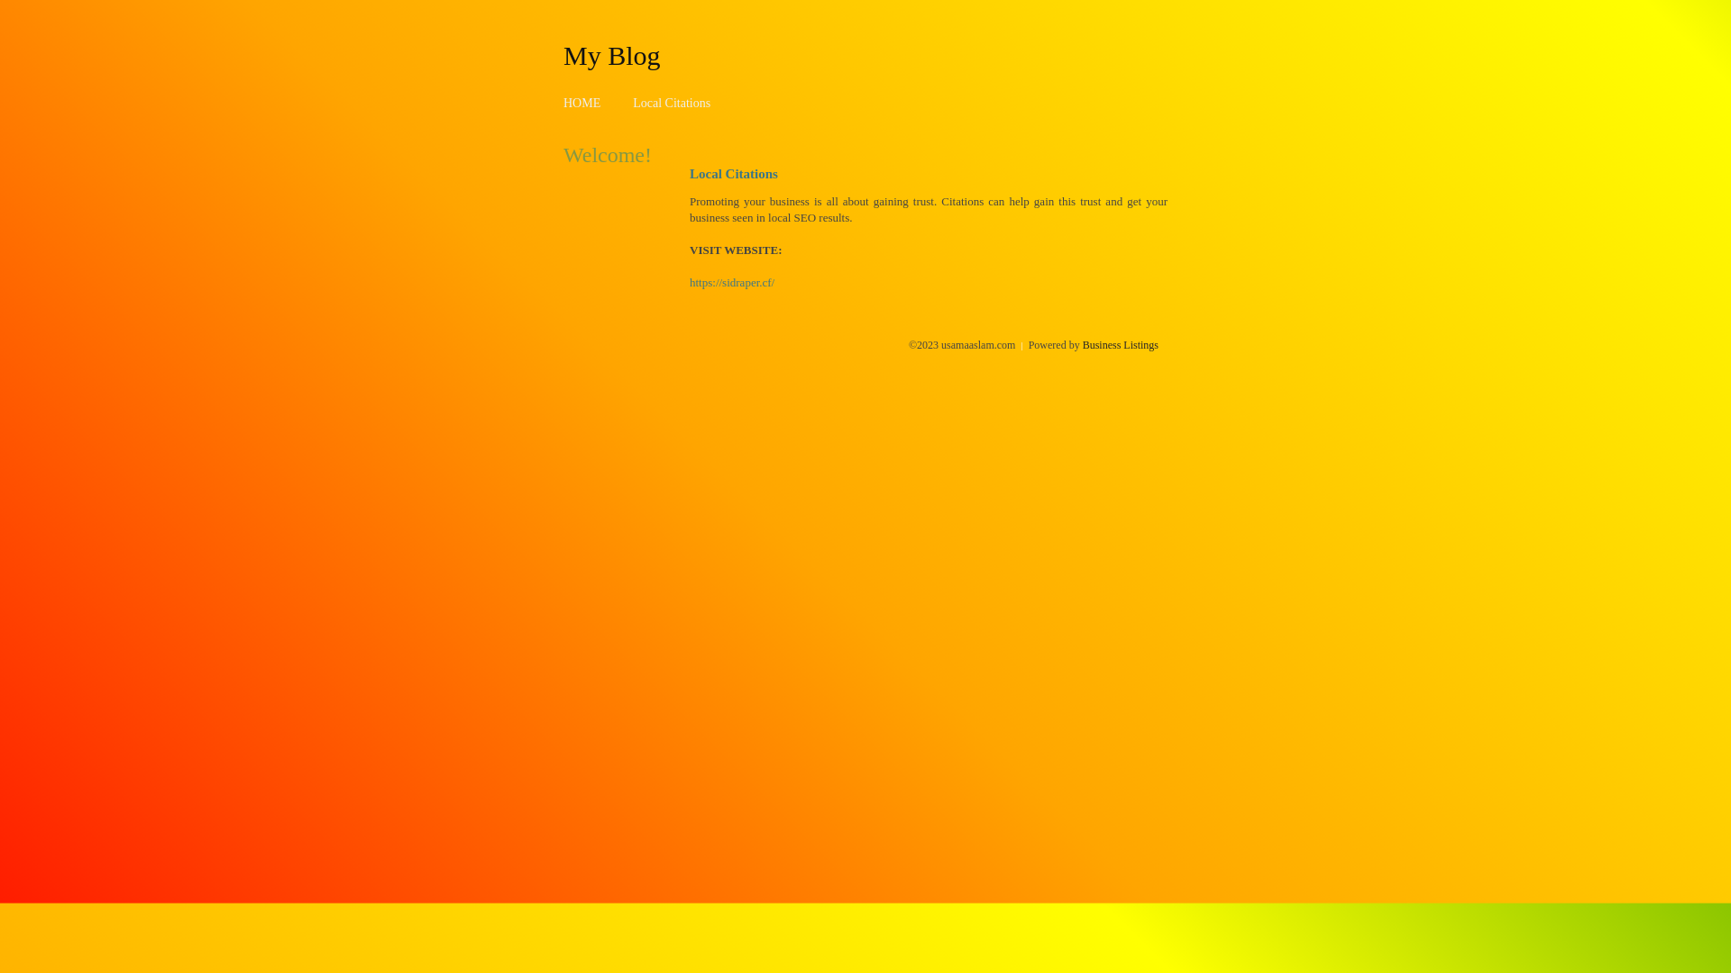 The height and width of the screenshot is (973, 1731). What do you see at coordinates (670, 103) in the screenshot?
I see `'Local Citations'` at bounding box center [670, 103].